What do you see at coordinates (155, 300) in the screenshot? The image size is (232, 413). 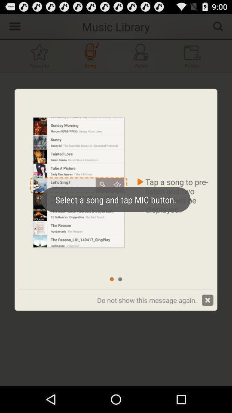 I see `the text which is bottom of right corner` at bounding box center [155, 300].